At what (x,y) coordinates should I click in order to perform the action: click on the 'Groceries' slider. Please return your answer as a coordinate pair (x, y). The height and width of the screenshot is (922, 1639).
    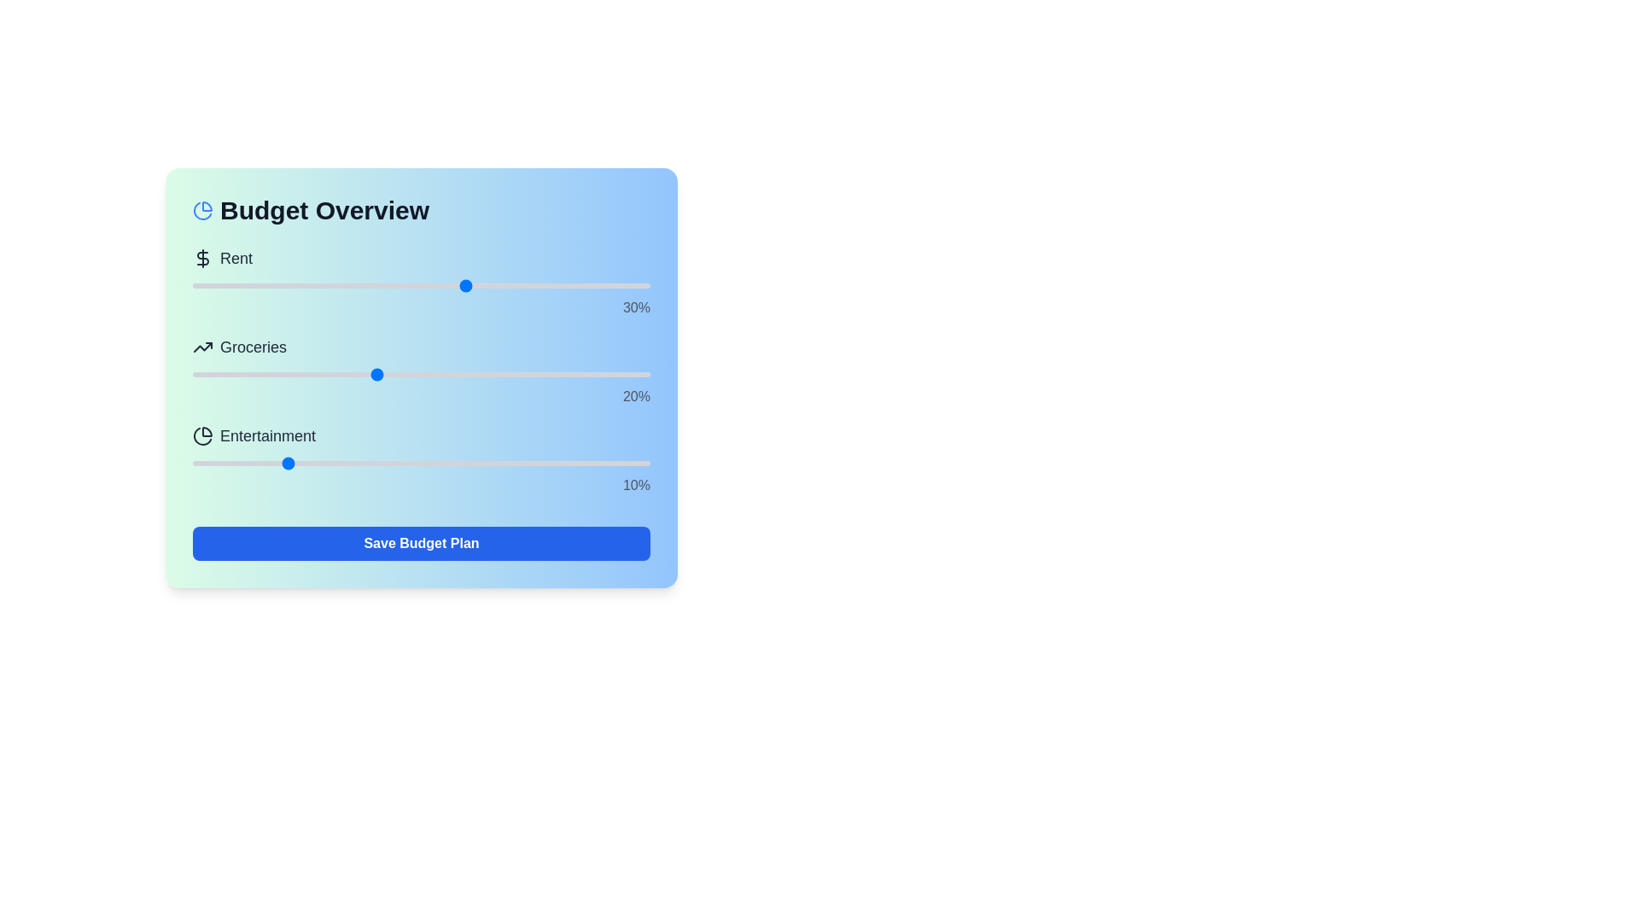
    Looking at the image, I should click on (375, 374).